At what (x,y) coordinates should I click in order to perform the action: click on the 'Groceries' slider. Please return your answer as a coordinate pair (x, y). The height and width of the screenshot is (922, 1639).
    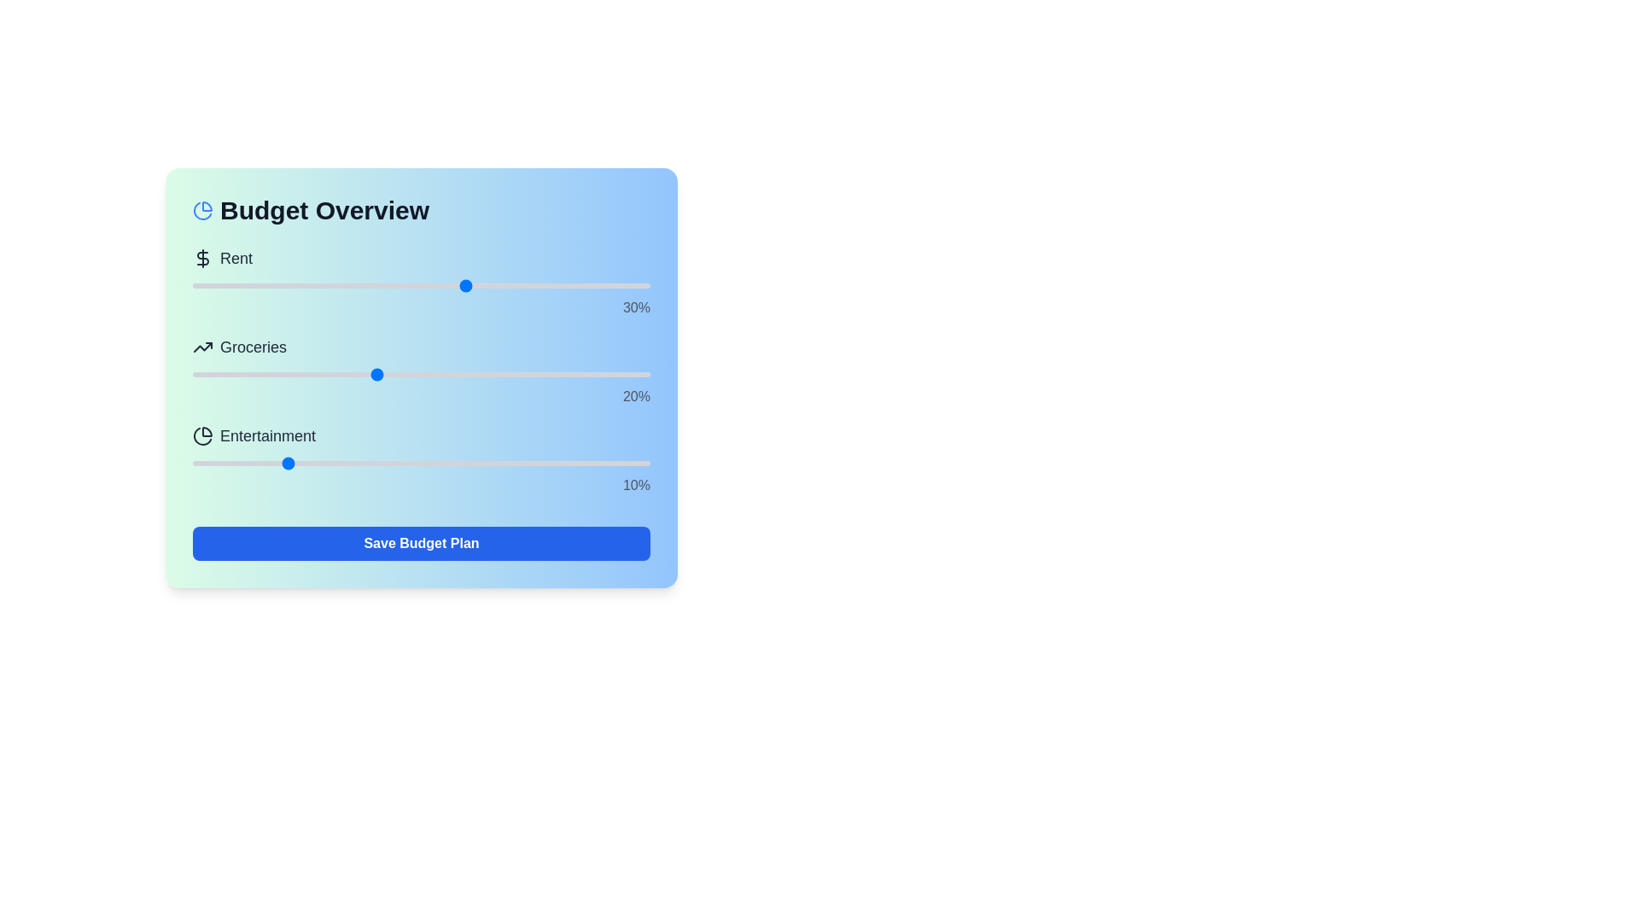
    Looking at the image, I should click on (375, 374).